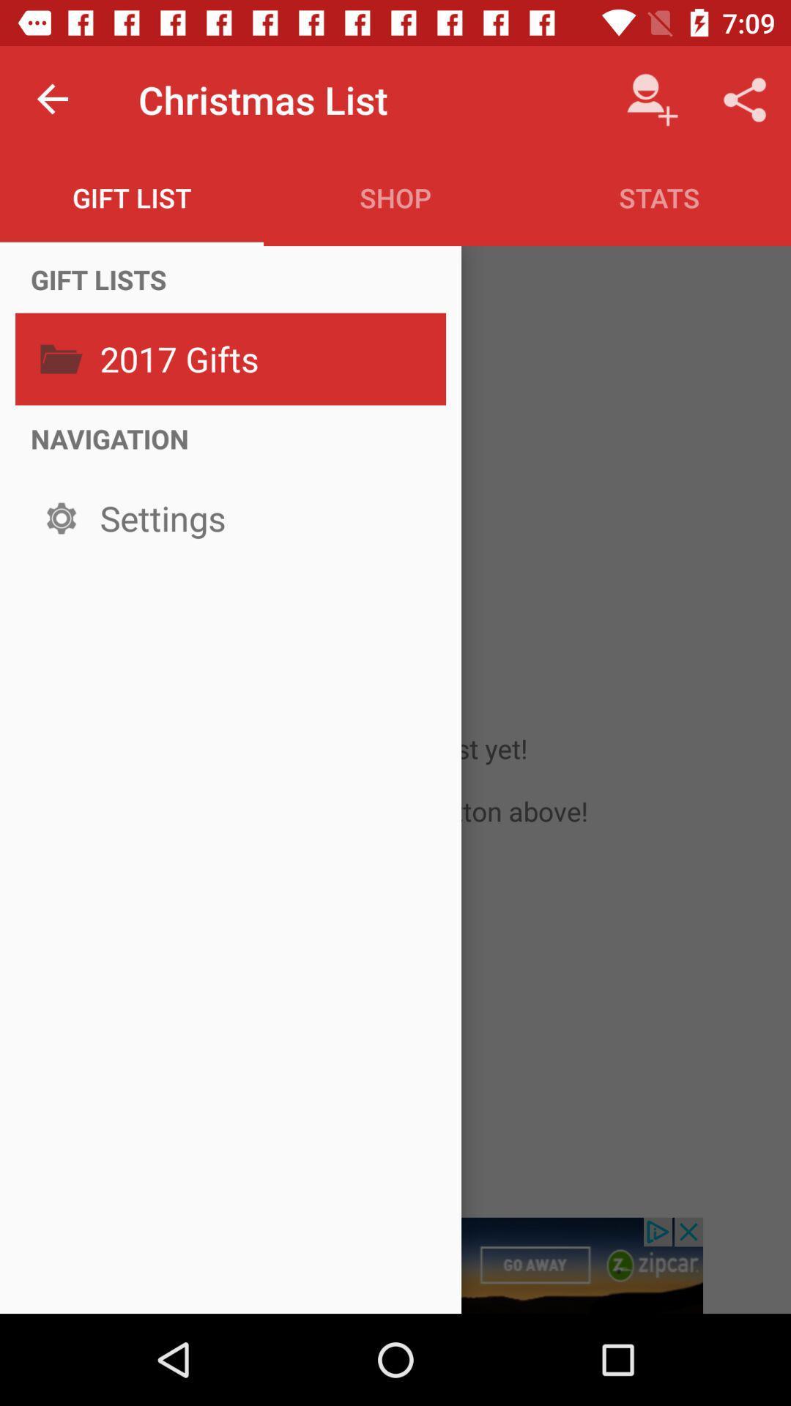 The width and height of the screenshot is (791, 1406). I want to click on the stats icon, so click(658, 197).